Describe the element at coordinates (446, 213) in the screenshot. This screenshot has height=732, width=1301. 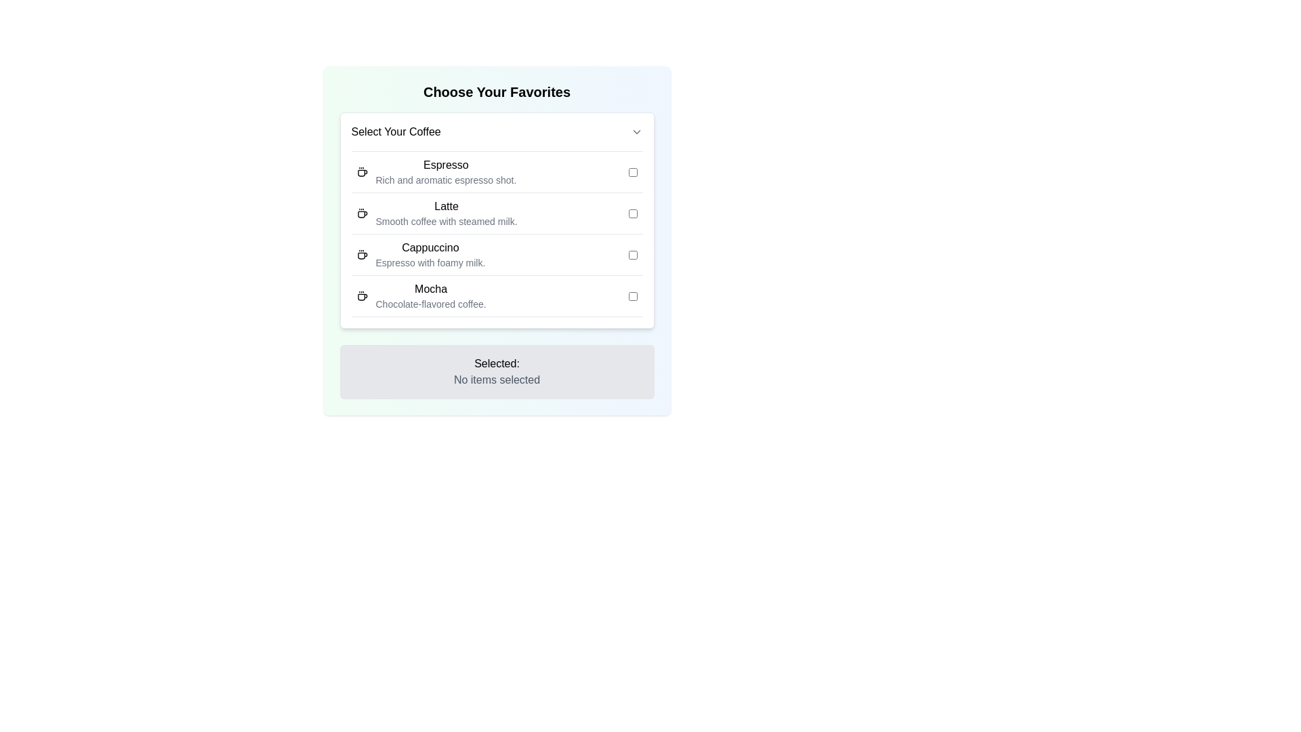
I see `the textual content element titled 'Latte' which describes 'Smooth coffee with steamed milk.' located in the 'Select Your Coffee' section` at that location.